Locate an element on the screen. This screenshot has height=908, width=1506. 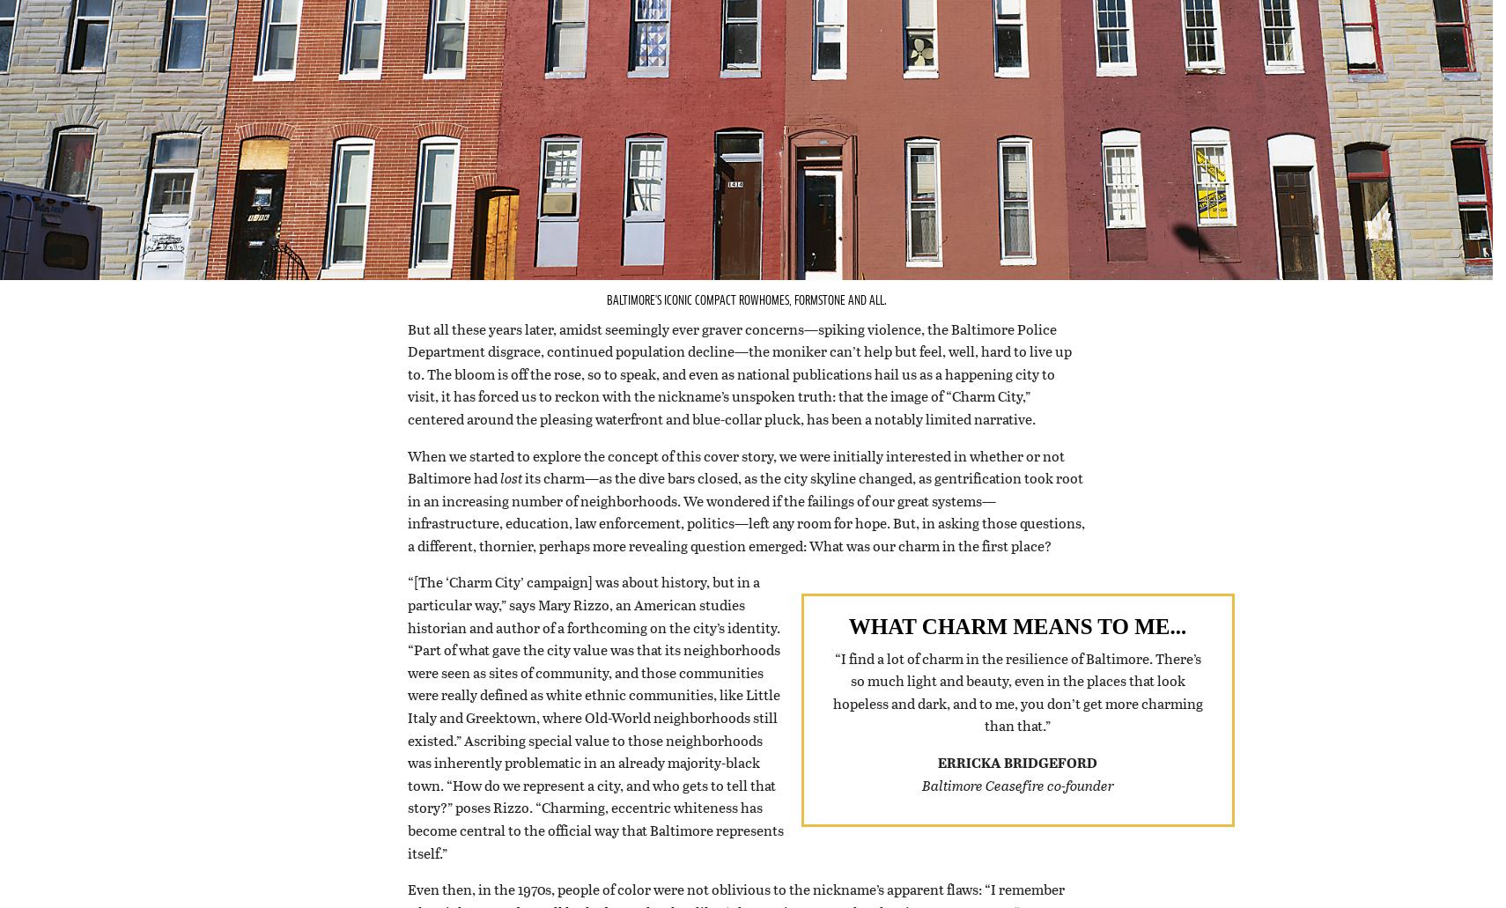
'Baltimore Ceasefire co-founder' is located at coordinates (1015, 807).